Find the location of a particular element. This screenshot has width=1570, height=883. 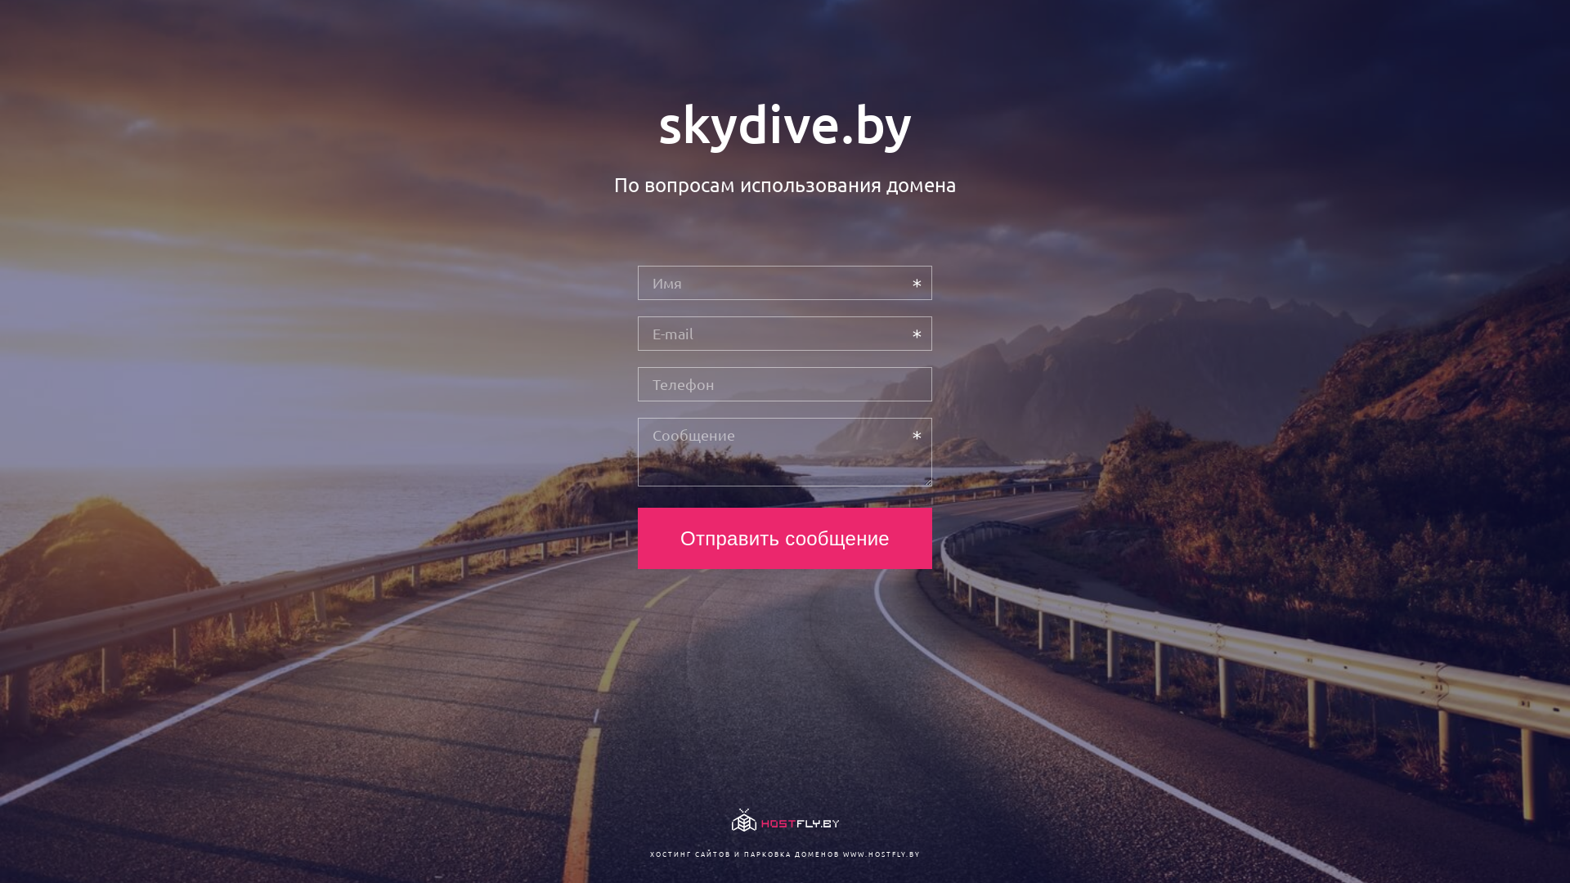

'WWW.HOSTFLY.BY' is located at coordinates (880, 853).